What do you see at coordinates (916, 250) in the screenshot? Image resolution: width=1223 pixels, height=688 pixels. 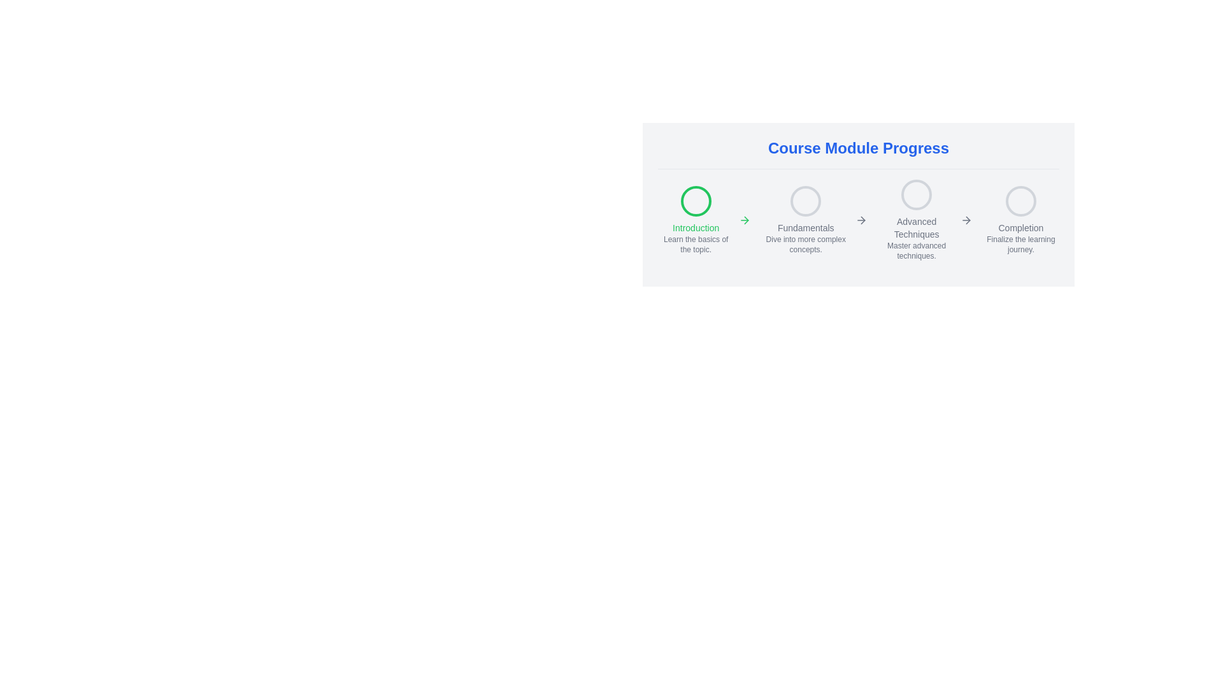 I see `the text label providing additional descriptive information about 'Advanced Techniques' in the progress bar section, located beneath the main label` at bounding box center [916, 250].